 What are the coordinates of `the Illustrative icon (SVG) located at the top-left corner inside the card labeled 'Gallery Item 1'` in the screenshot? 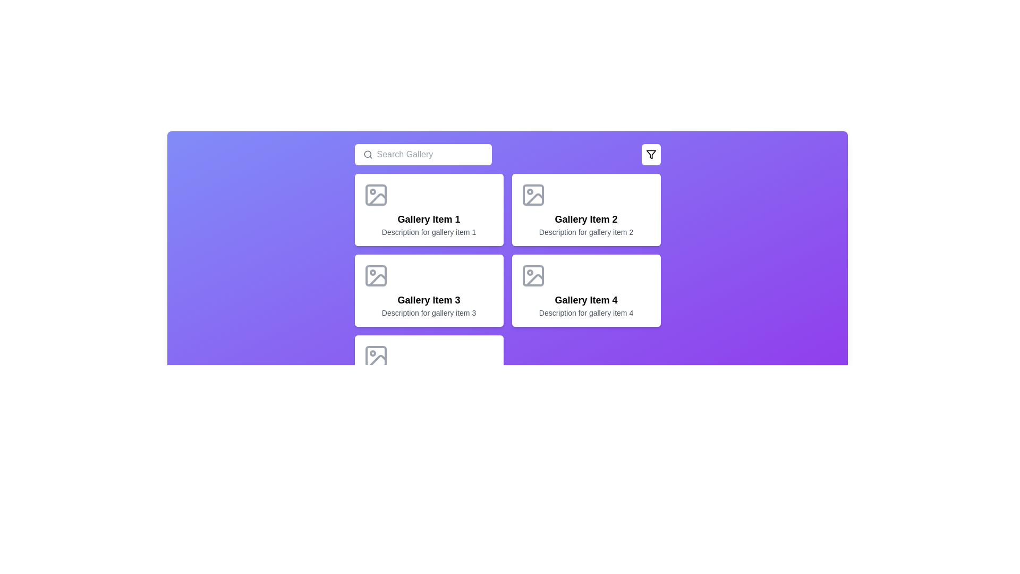 It's located at (376, 195).